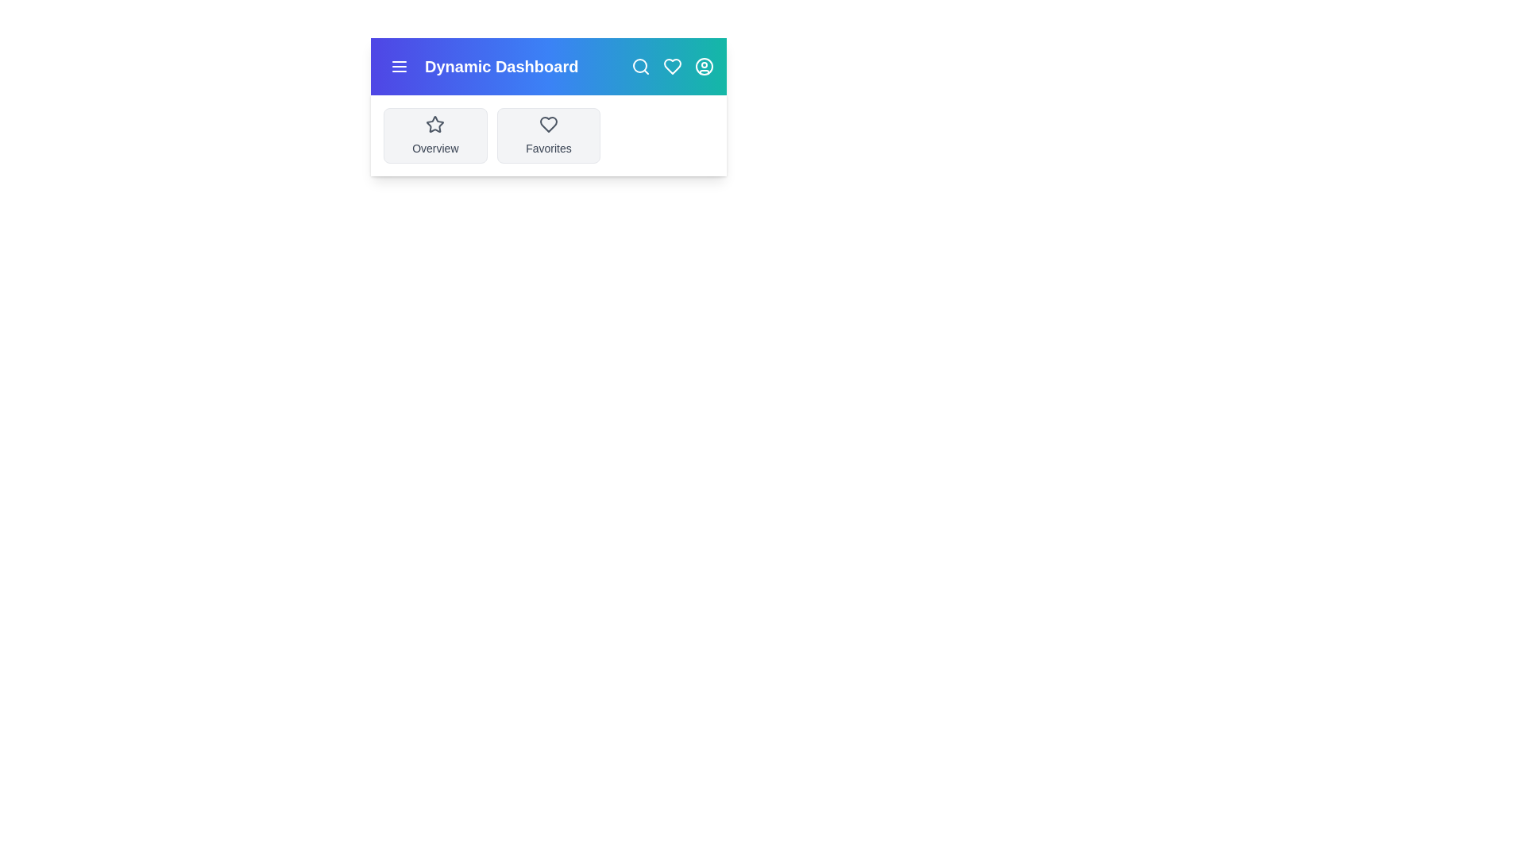 Image resolution: width=1525 pixels, height=858 pixels. What do you see at coordinates (548, 134) in the screenshot?
I see `the 'Favorites' card to navigate to the favorites section` at bounding box center [548, 134].